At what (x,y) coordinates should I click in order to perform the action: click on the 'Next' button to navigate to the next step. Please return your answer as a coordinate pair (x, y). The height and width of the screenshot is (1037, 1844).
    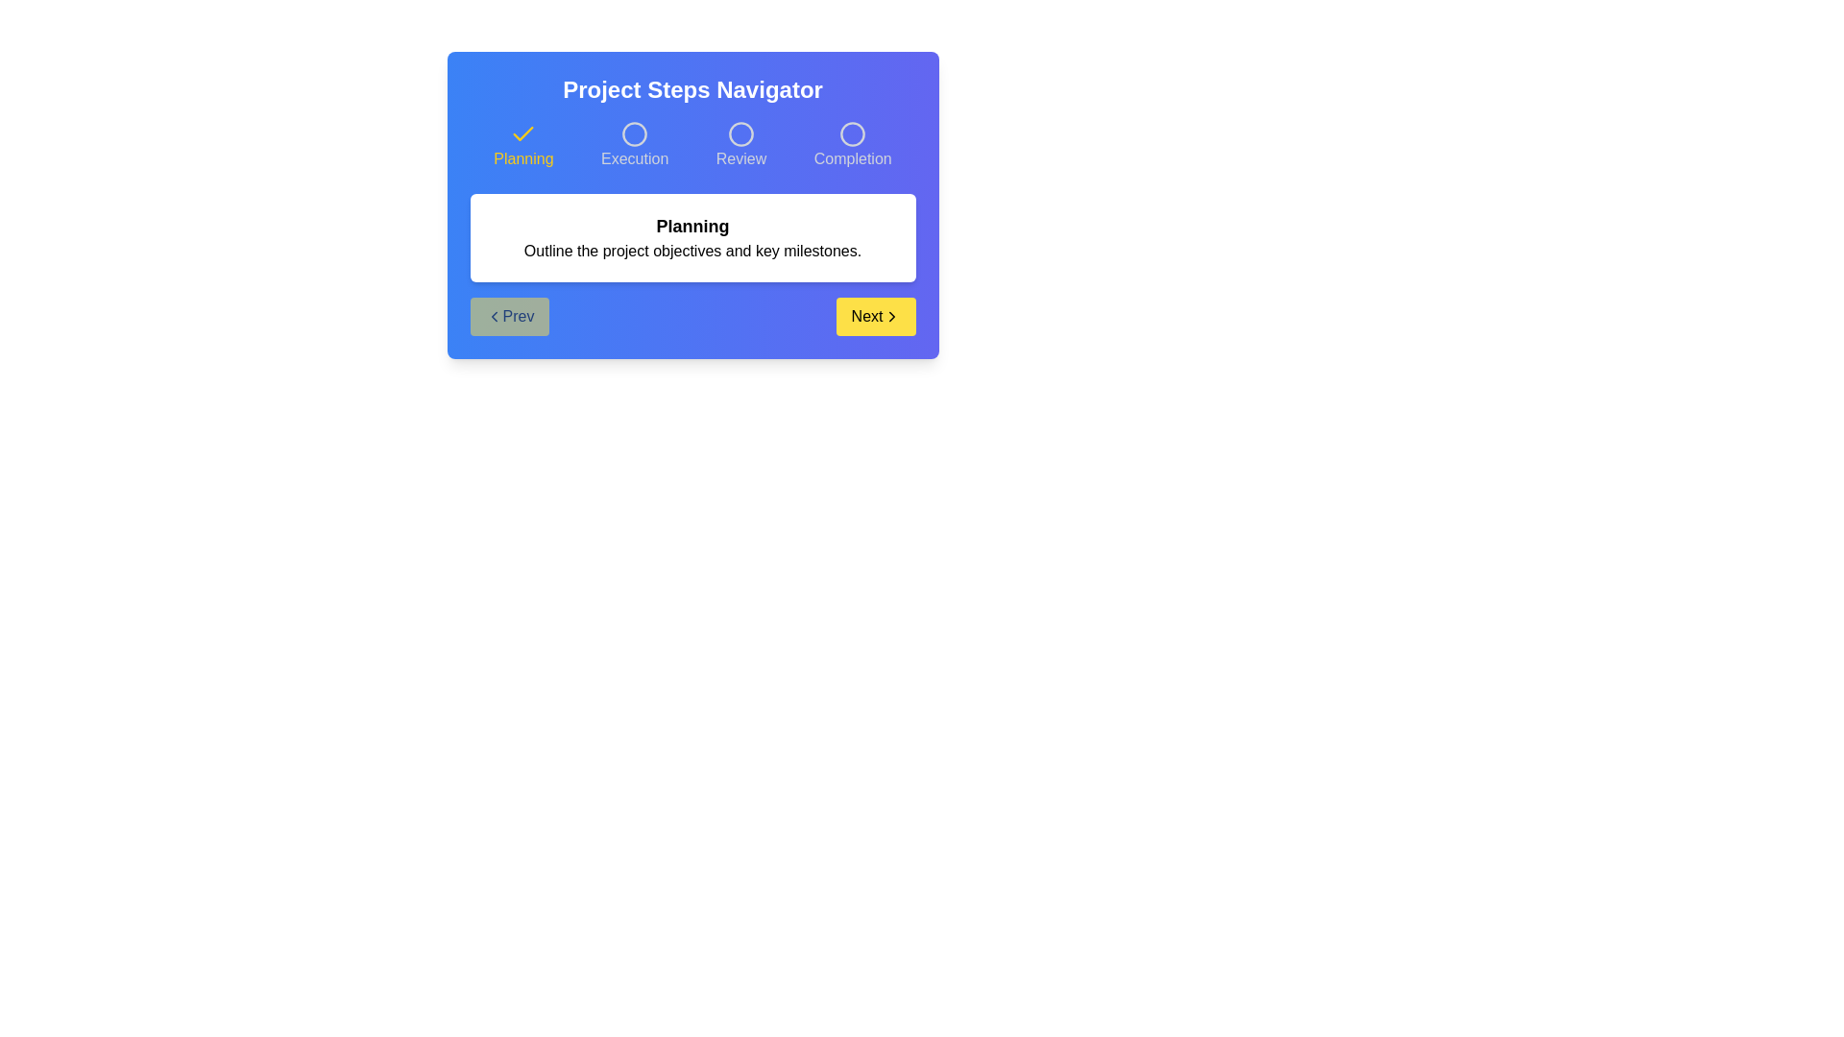
    Looking at the image, I should click on (875, 316).